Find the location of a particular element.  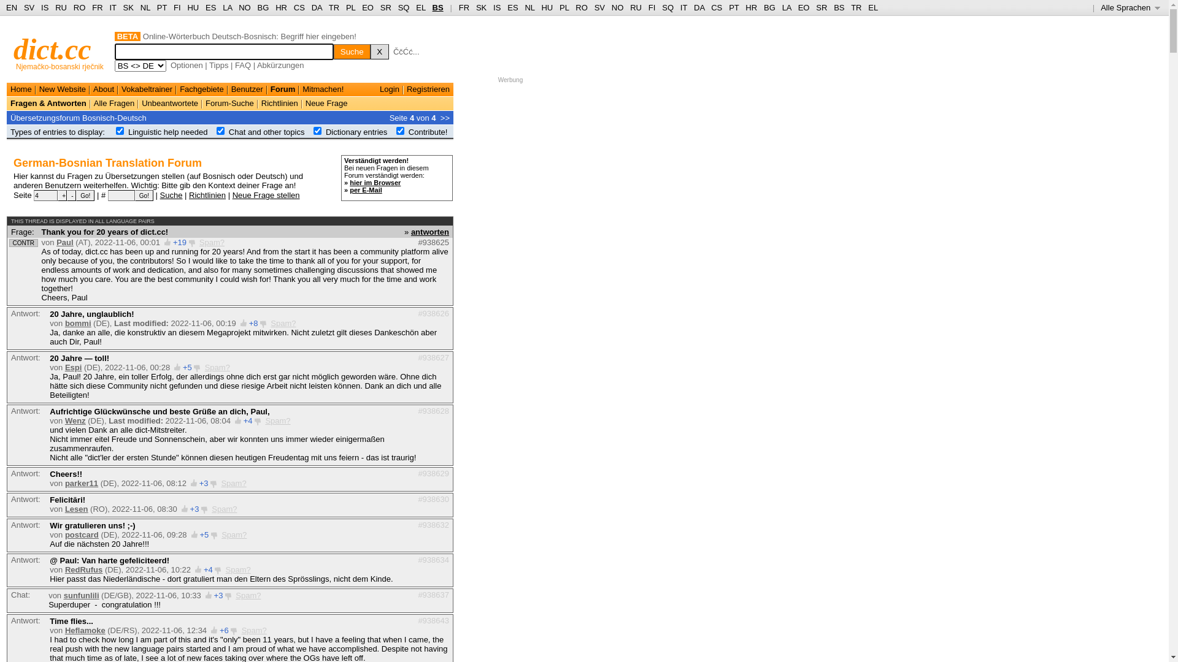

'Benutzer' is located at coordinates (247, 88).